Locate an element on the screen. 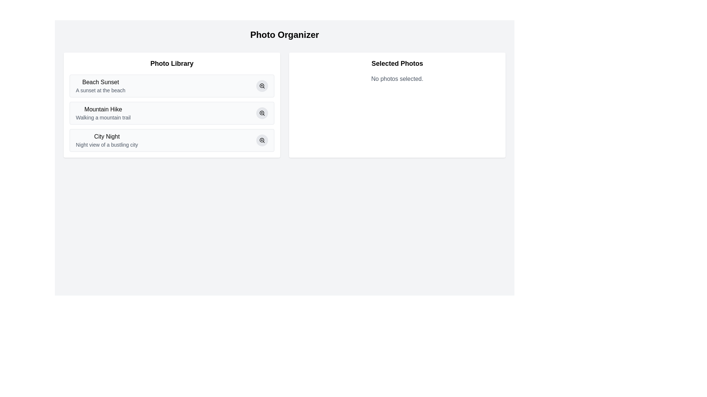 This screenshot has width=707, height=397. the 'City Night' text label in the Photo Library section, which is styled with medium font weight and located in the third row of the left half of the UI is located at coordinates (106, 136).